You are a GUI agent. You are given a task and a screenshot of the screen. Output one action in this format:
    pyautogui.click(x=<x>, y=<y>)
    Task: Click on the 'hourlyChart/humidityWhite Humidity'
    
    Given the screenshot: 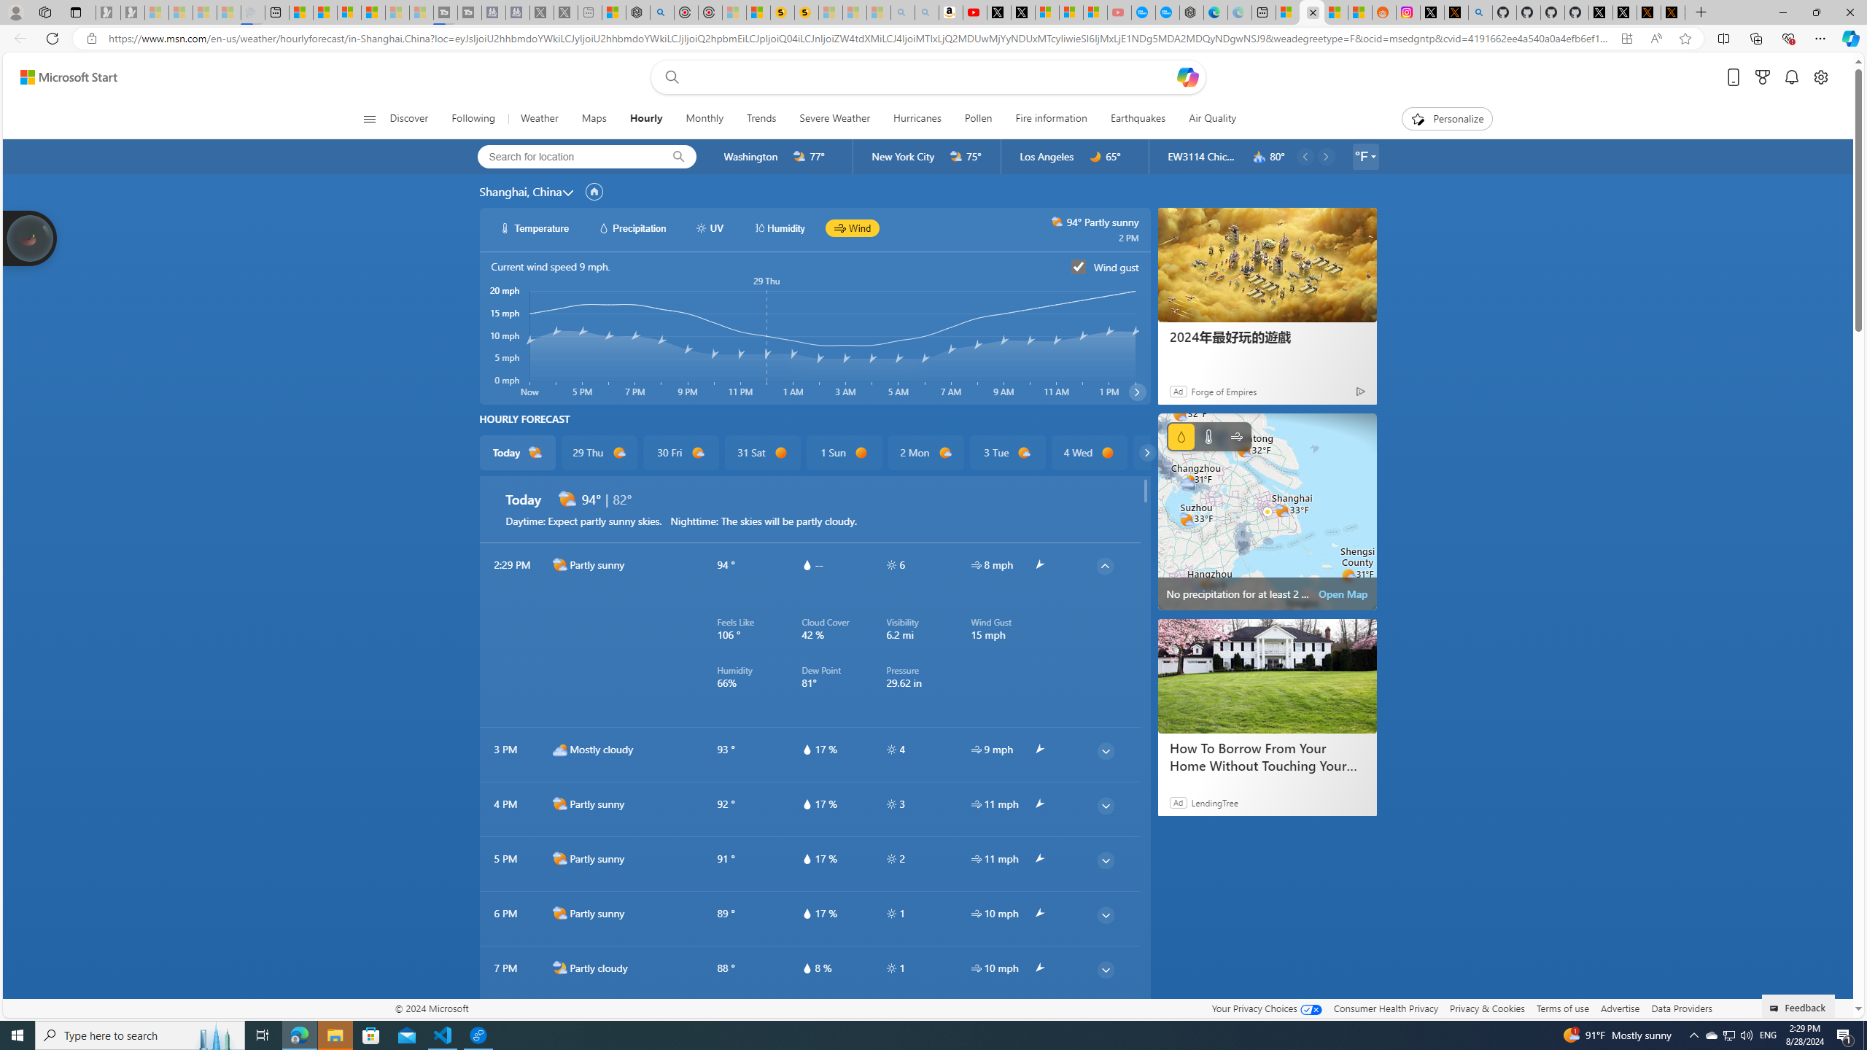 What is the action you would take?
    pyautogui.click(x=778, y=228)
    